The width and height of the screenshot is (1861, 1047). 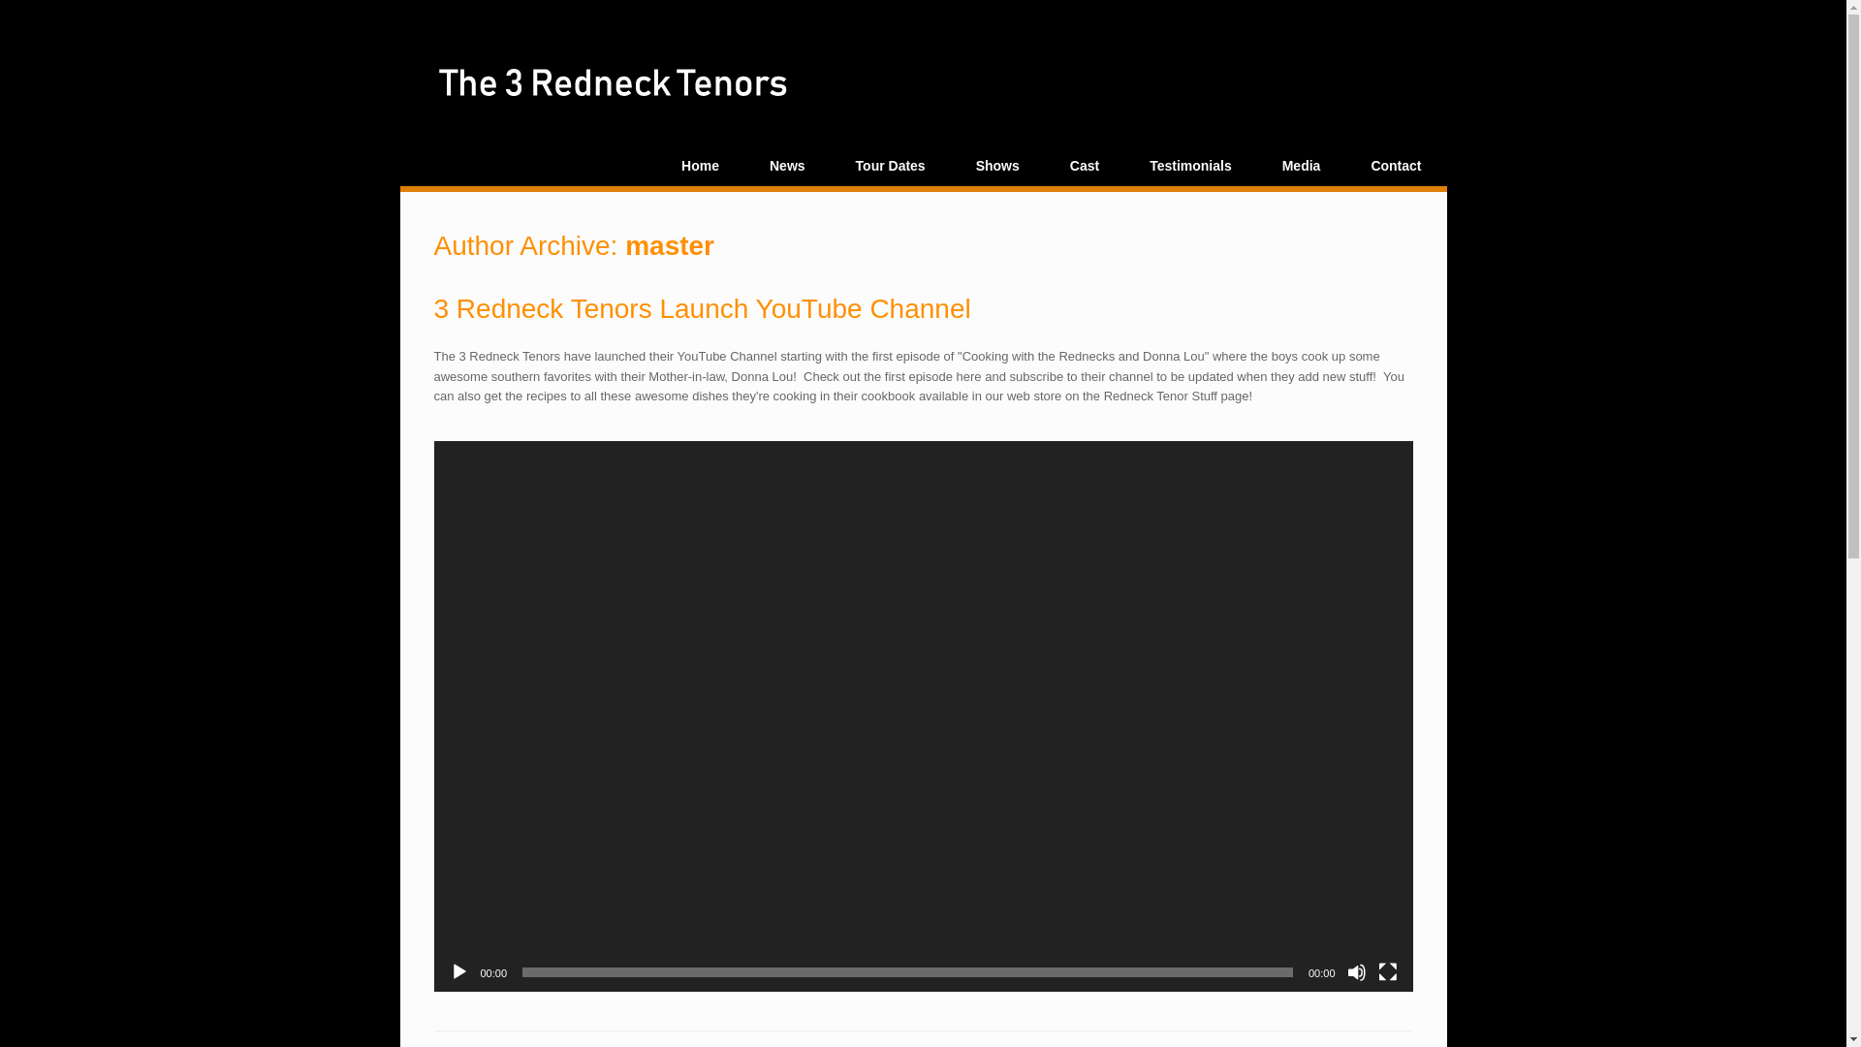 I want to click on 'Media', so click(x=1302, y=164).